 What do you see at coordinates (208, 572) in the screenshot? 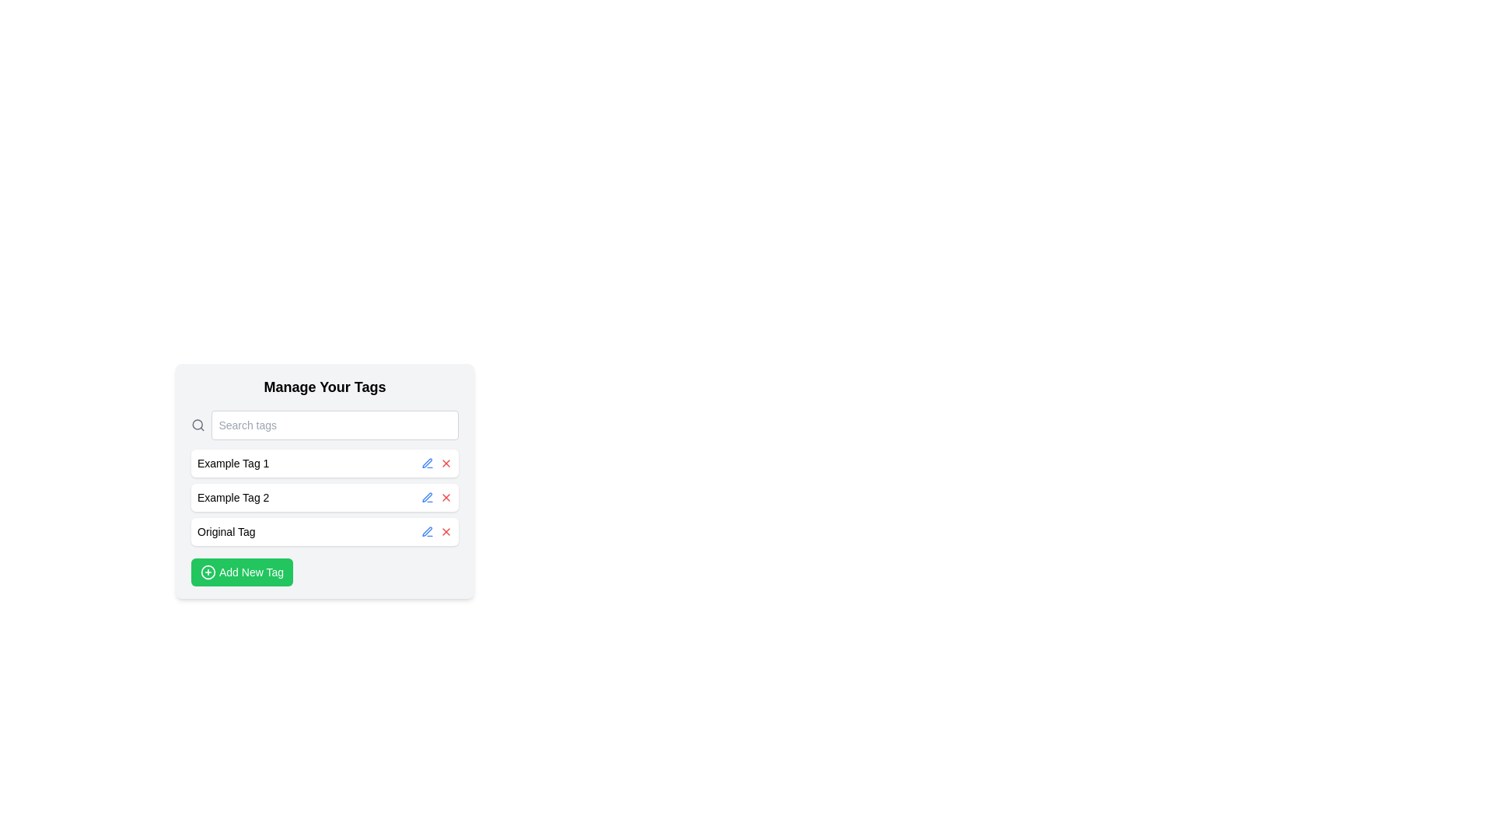
I see `the '+' icon enclosed in a circle with a green background, located to the left of the 'Add New Tag' button at the bottom of the interface` at bounding box center [208, 572].